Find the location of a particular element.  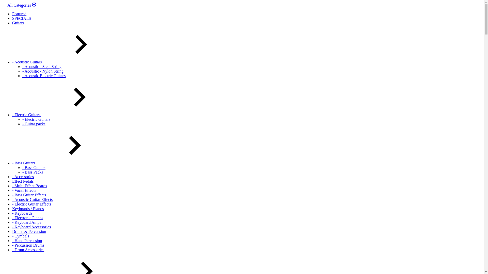

'- Drum Accessories' is located at coordinates (12, 249).